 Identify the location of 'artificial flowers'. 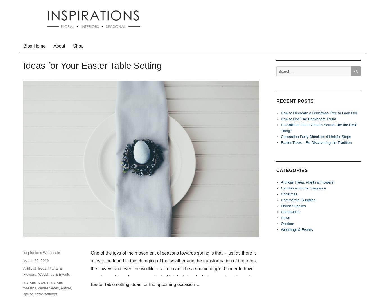
(35, 282).